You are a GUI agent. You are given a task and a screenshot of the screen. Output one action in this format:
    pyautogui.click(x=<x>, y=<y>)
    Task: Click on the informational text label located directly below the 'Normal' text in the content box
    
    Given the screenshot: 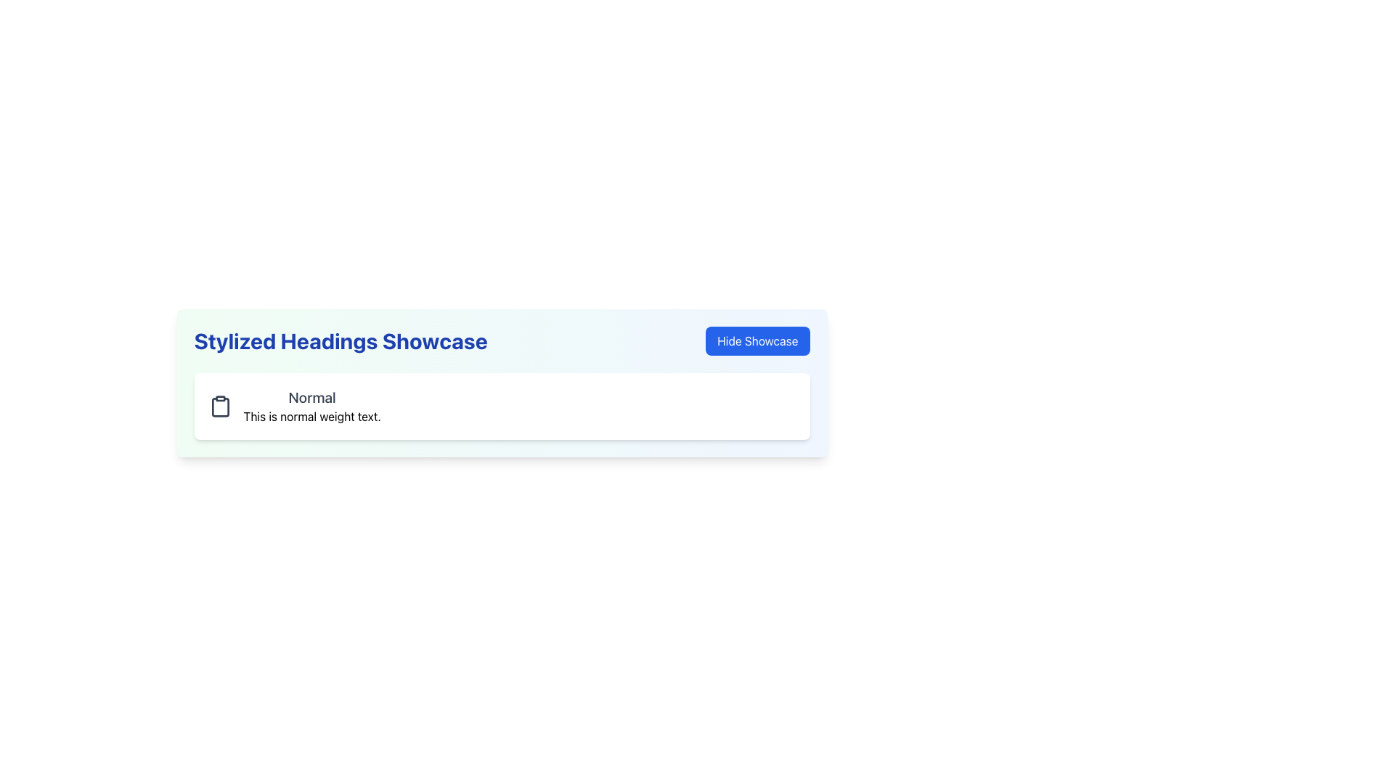 What is the action you would take?
    pyautogui.click(x=311, y=417)
    